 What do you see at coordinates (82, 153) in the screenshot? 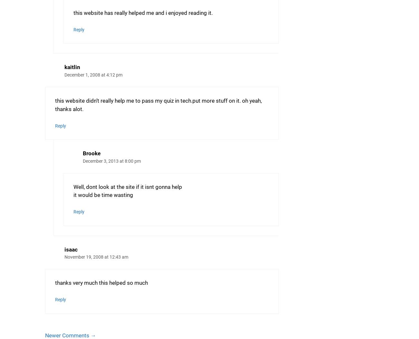
I see `'Brooke'` at bounding box center [82, 153].